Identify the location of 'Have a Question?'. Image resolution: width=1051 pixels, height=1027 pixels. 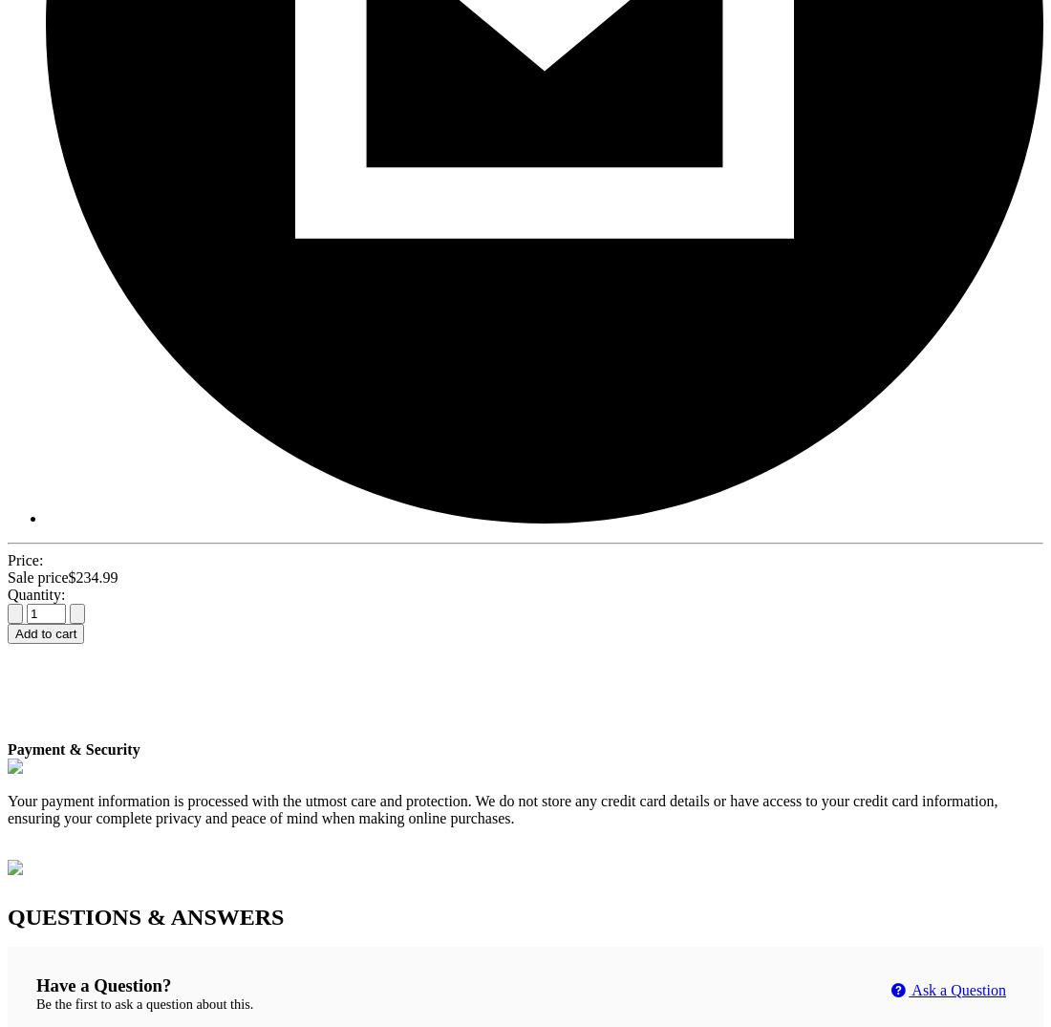
(34, 985).